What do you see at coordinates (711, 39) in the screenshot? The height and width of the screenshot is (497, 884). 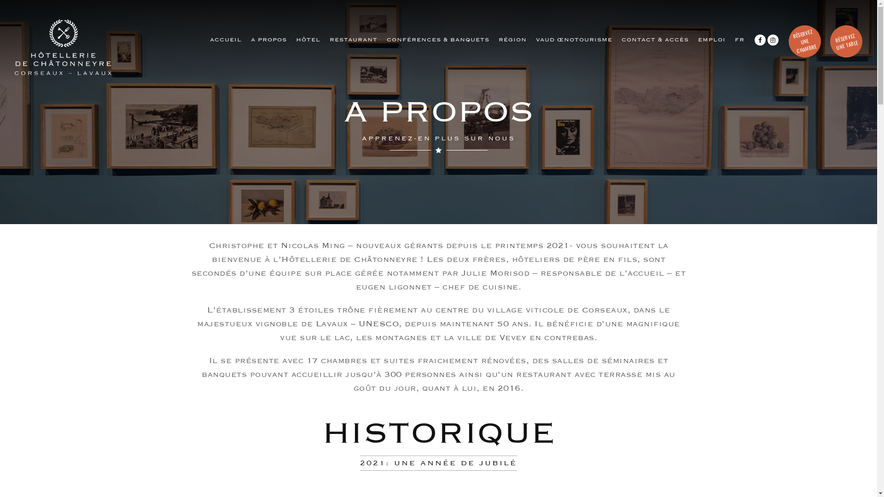 I see `'EMPLOI'` at bounding box center [711, 39].